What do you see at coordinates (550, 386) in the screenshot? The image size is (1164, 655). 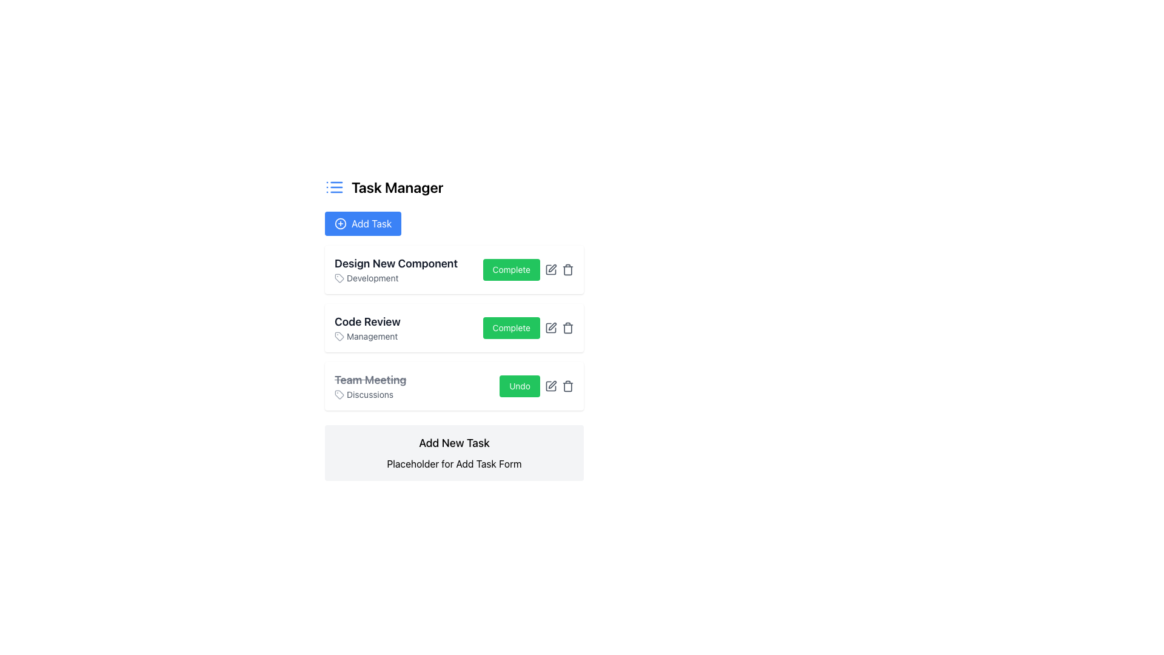 I see `the gray pen icon button located to the right of the green 'Undo' button in the 'Team Meeting' task row` at bounding box center [550, 386].